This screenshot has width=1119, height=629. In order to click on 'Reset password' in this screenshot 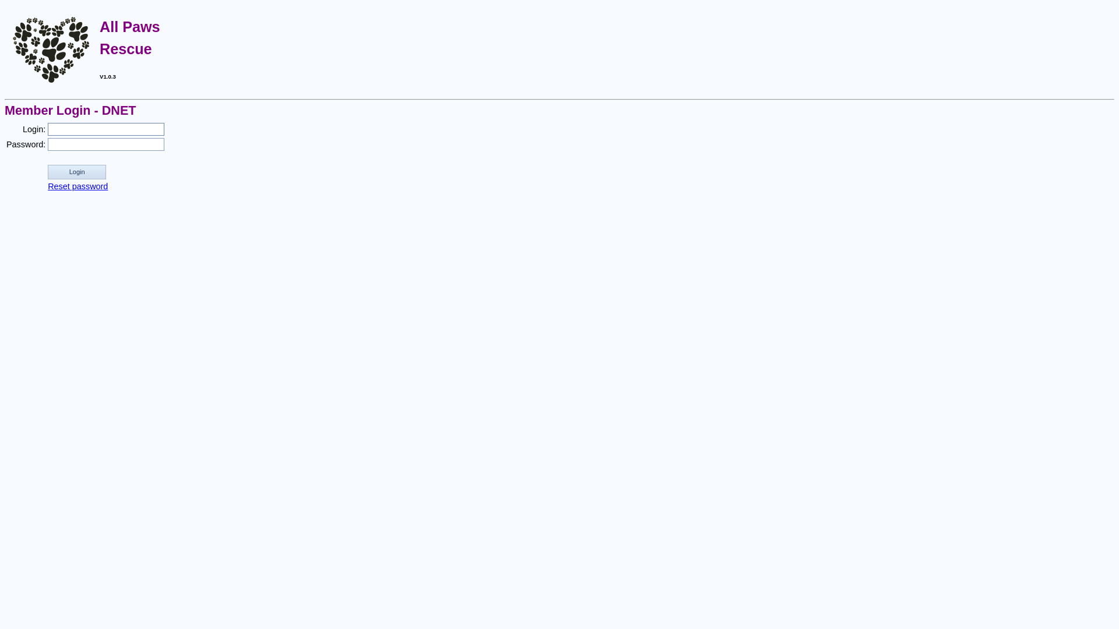, I will do `click(77, 186)`.